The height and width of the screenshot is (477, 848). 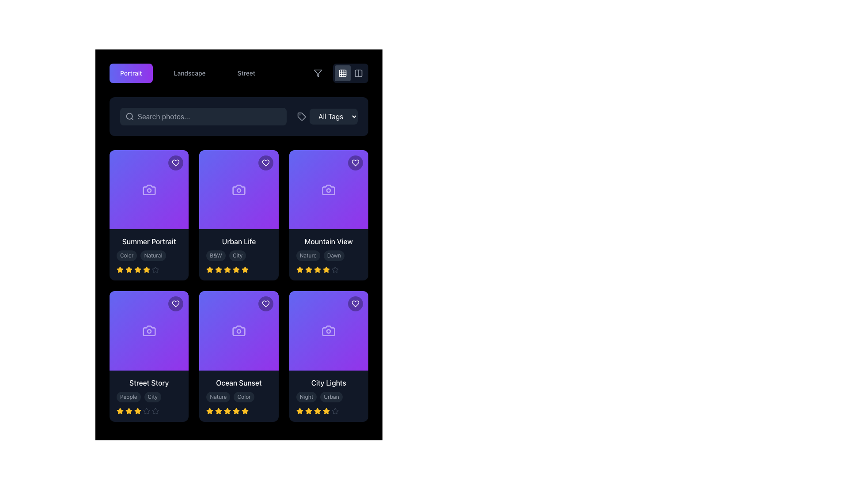 I want to click on the photography-themed icon representing the 'City Lights' card in the bottom row of the grid layout, so click(x=328, y=330).